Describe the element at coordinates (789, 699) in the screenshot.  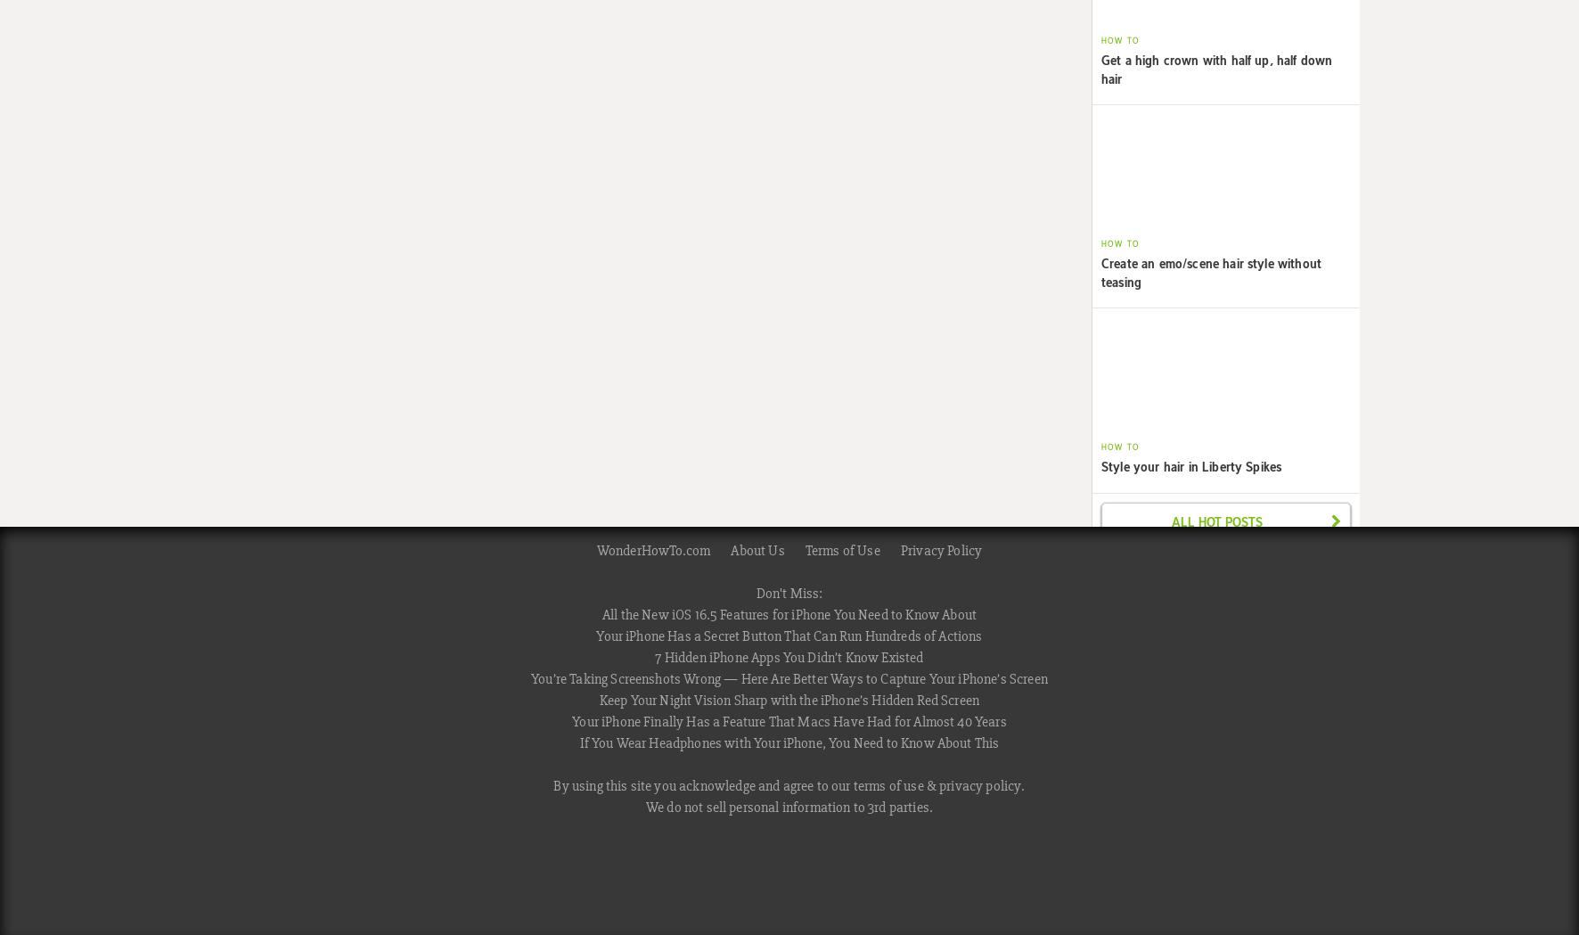
I see `'Keep Your Night Vision Sharp with the iPhone’s Hidden Red Screen'` at that location.